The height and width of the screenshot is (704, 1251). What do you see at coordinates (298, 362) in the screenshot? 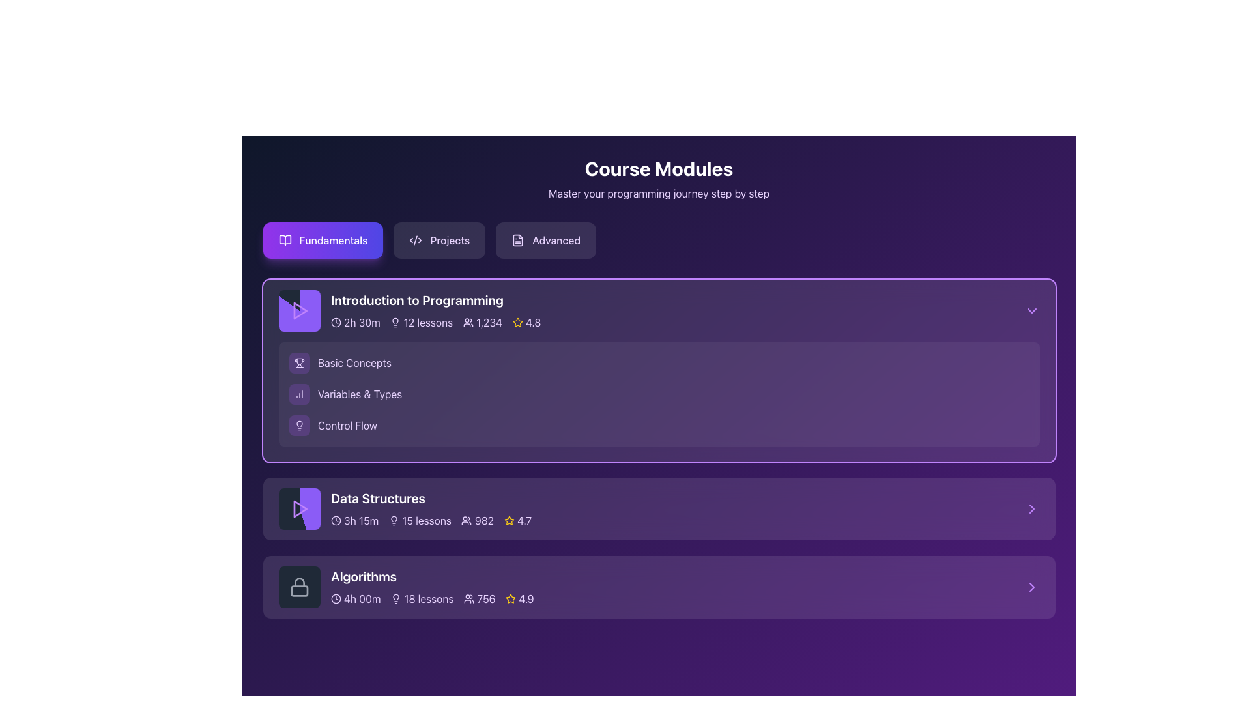
I see `the trophy icon representing 'Basic Concepts', located to the left of the text labeled 'Basic Concepts' within the 'Introduction to Programming' module card` at bounding box center [298, 362].